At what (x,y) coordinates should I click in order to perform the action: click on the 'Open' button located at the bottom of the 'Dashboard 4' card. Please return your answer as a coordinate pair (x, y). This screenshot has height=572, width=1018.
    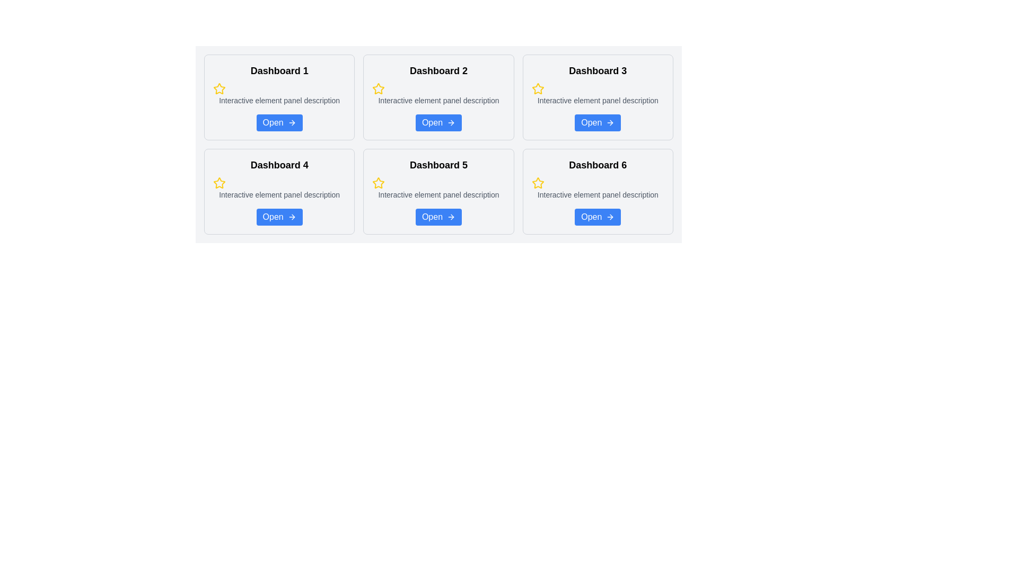
    Looking at the image, I should click on (279, 216).